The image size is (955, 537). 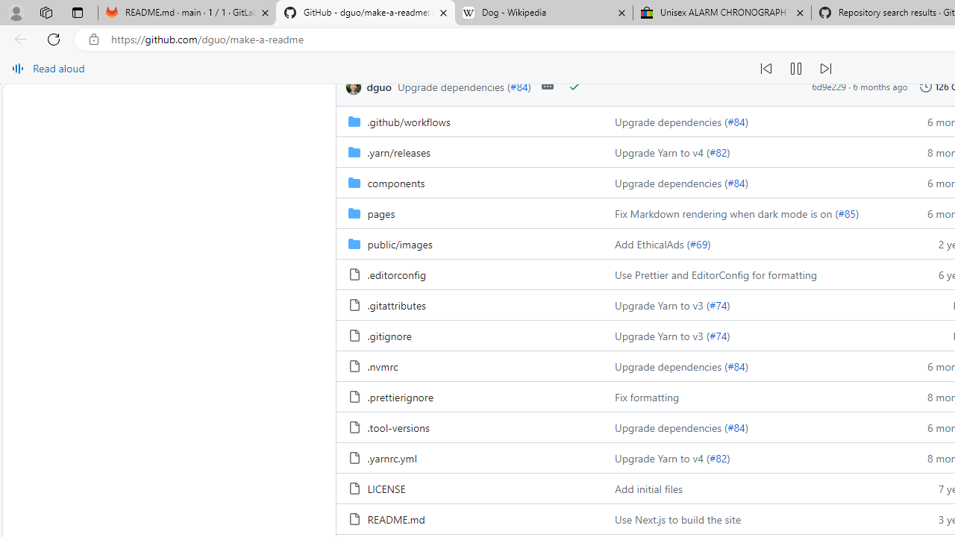 I want to click on 'Use Prettier and EditorConfig for formatting', so click(x=752, y=274).